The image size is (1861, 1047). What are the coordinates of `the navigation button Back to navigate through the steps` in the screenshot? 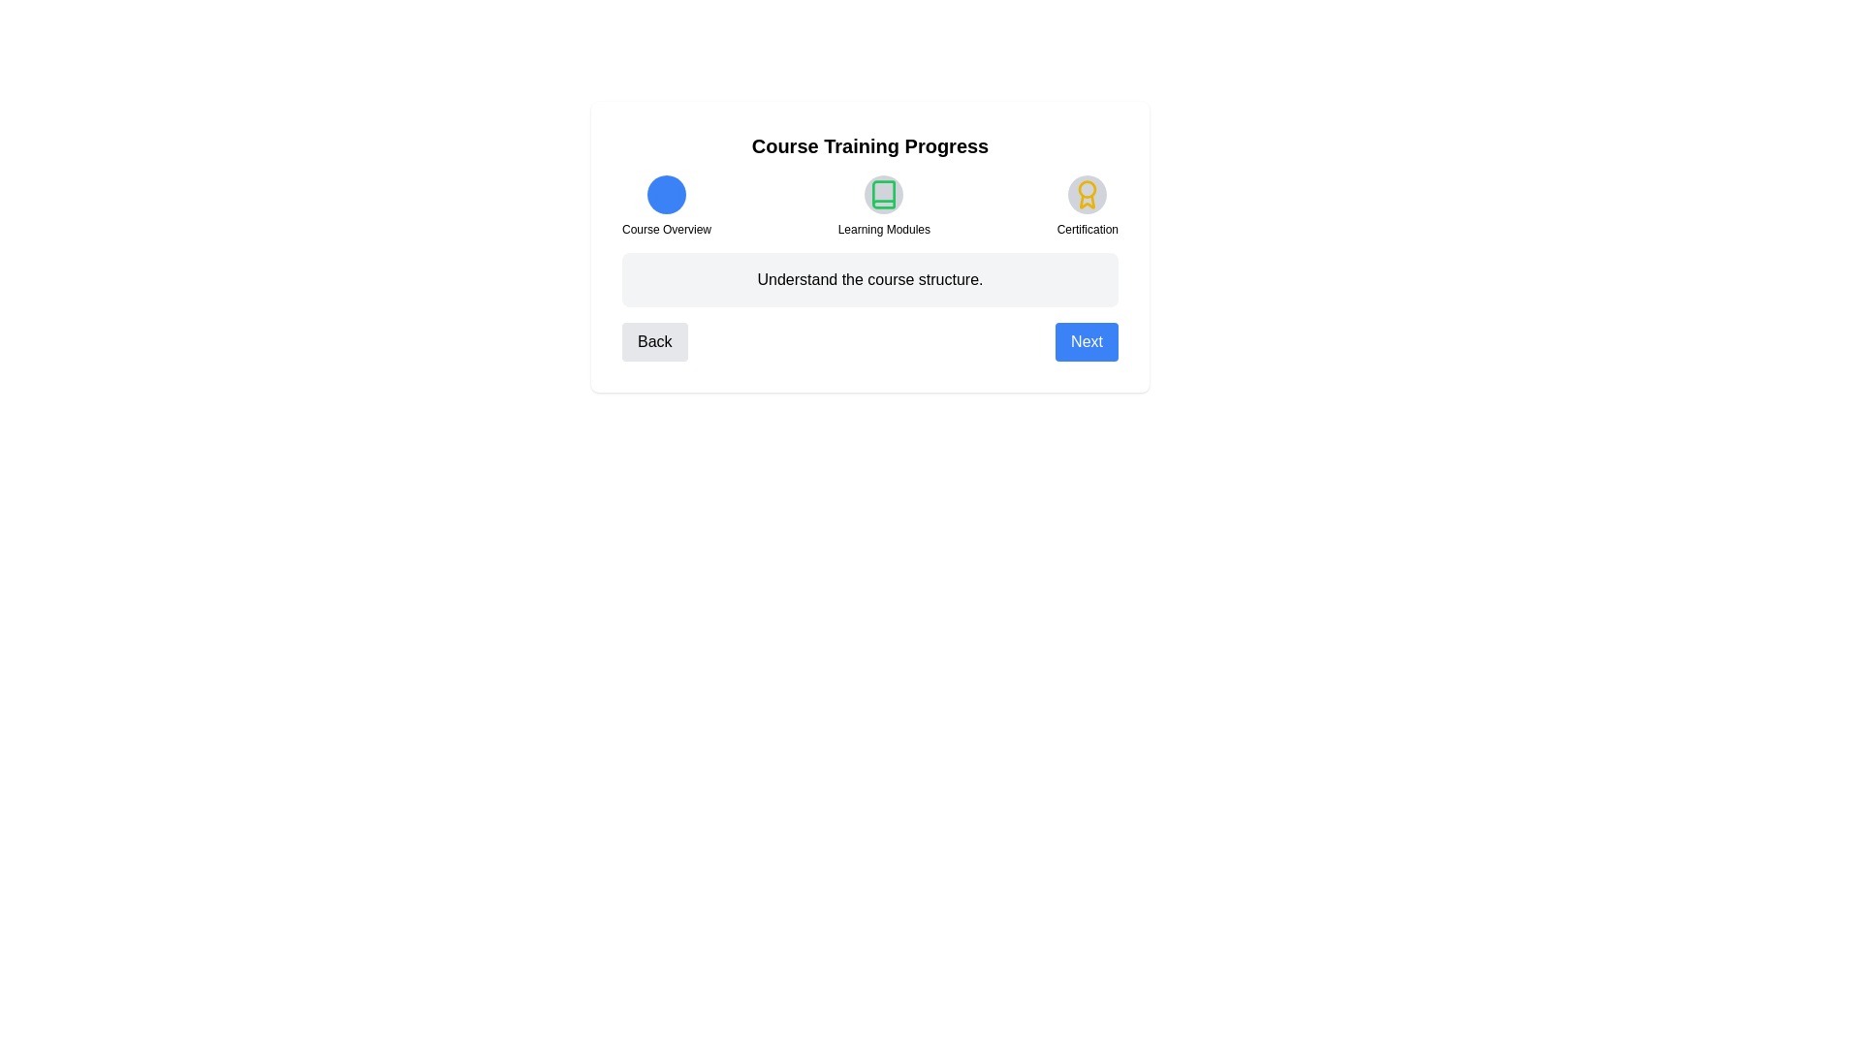 It's located at (654, 341).